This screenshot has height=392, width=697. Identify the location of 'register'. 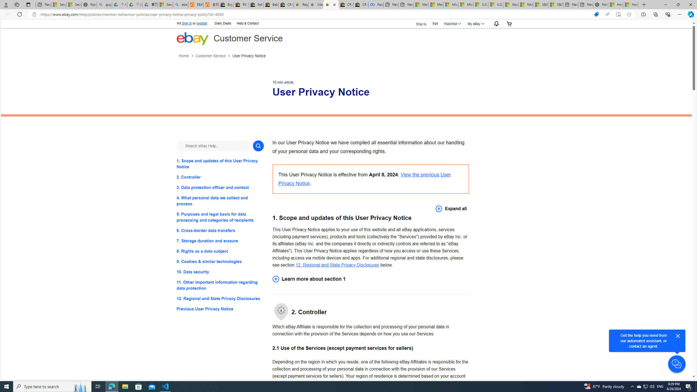
(202, 23).